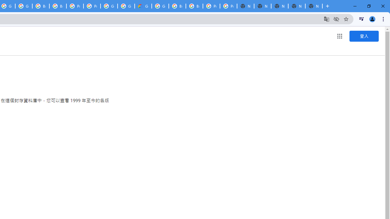 The width and height of the screenshot is (390, 219). What do you see at coordinates (177, 6) in the screenshot?
I see `'Browse Chrome as a guest - Computer - Google Chrome Help'` at bounding box center [177, 6].